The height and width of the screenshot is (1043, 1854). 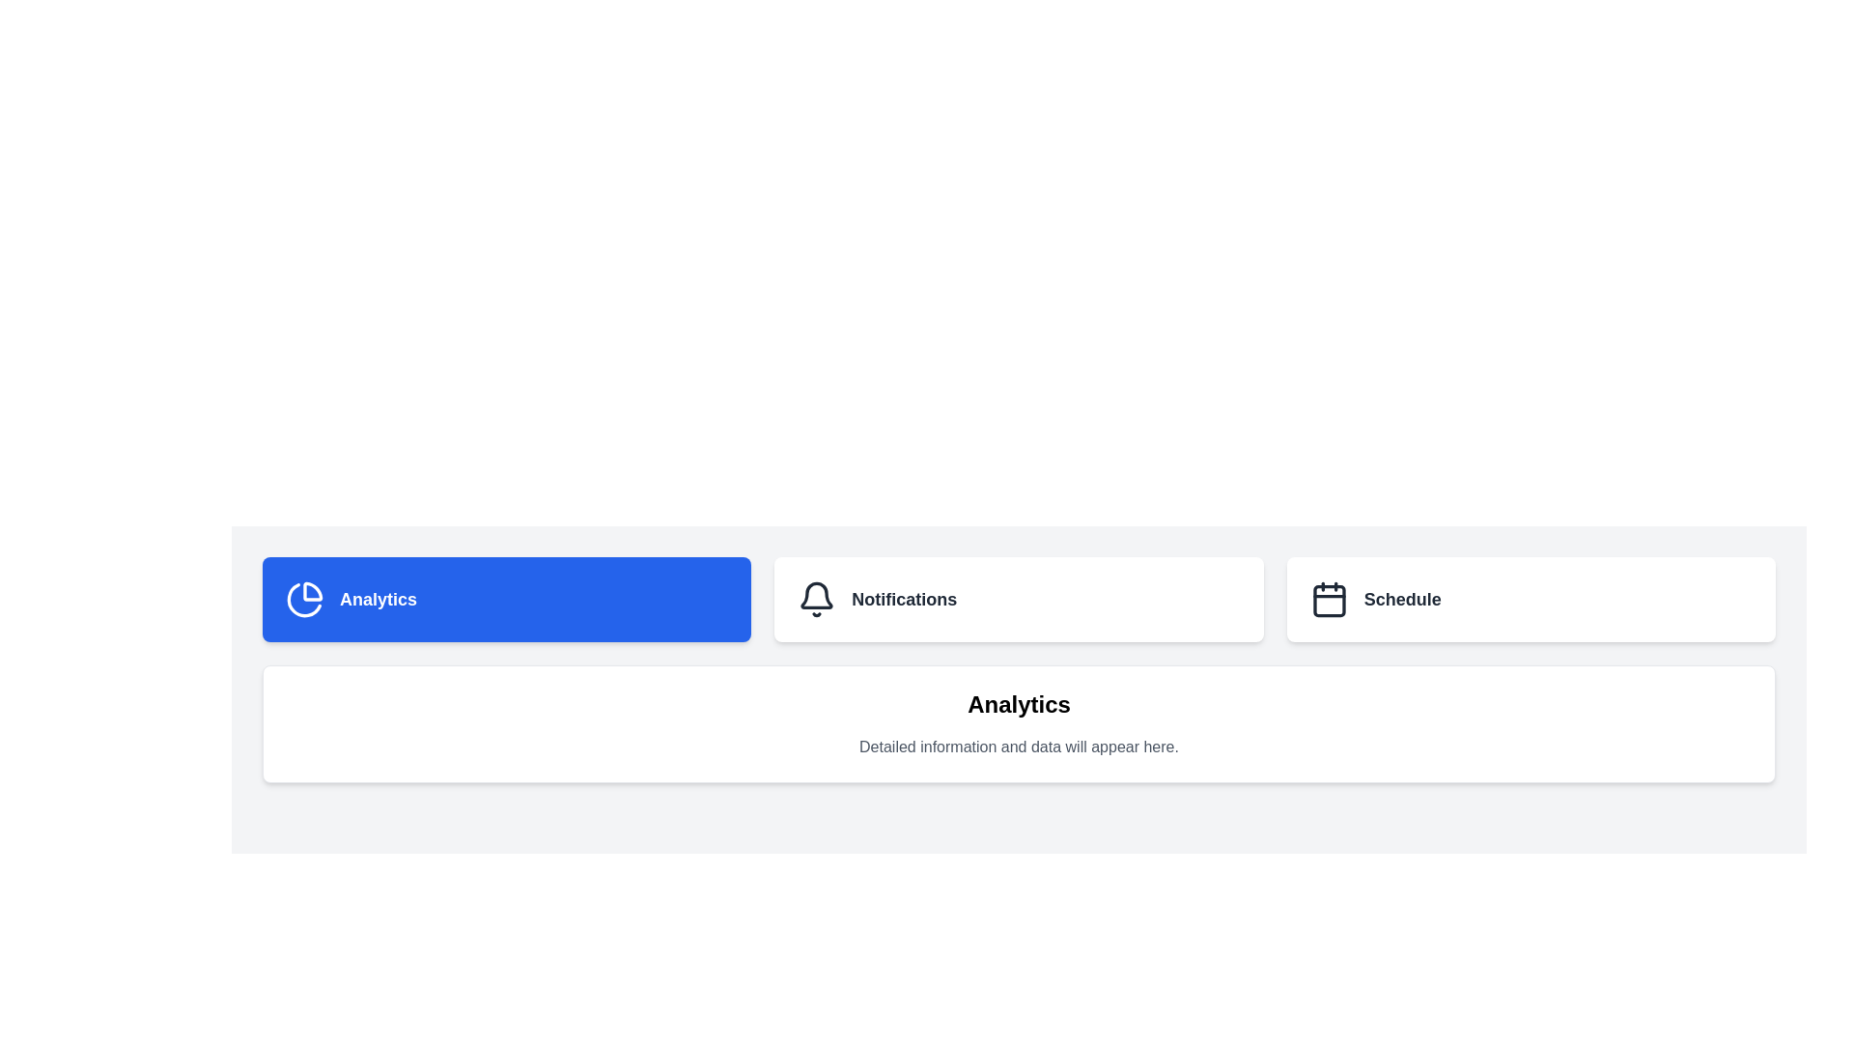 I want to click on the 'Analytics' button, which is the first button in a horizontal list of interactive buttons, so click(x=507, y=599).